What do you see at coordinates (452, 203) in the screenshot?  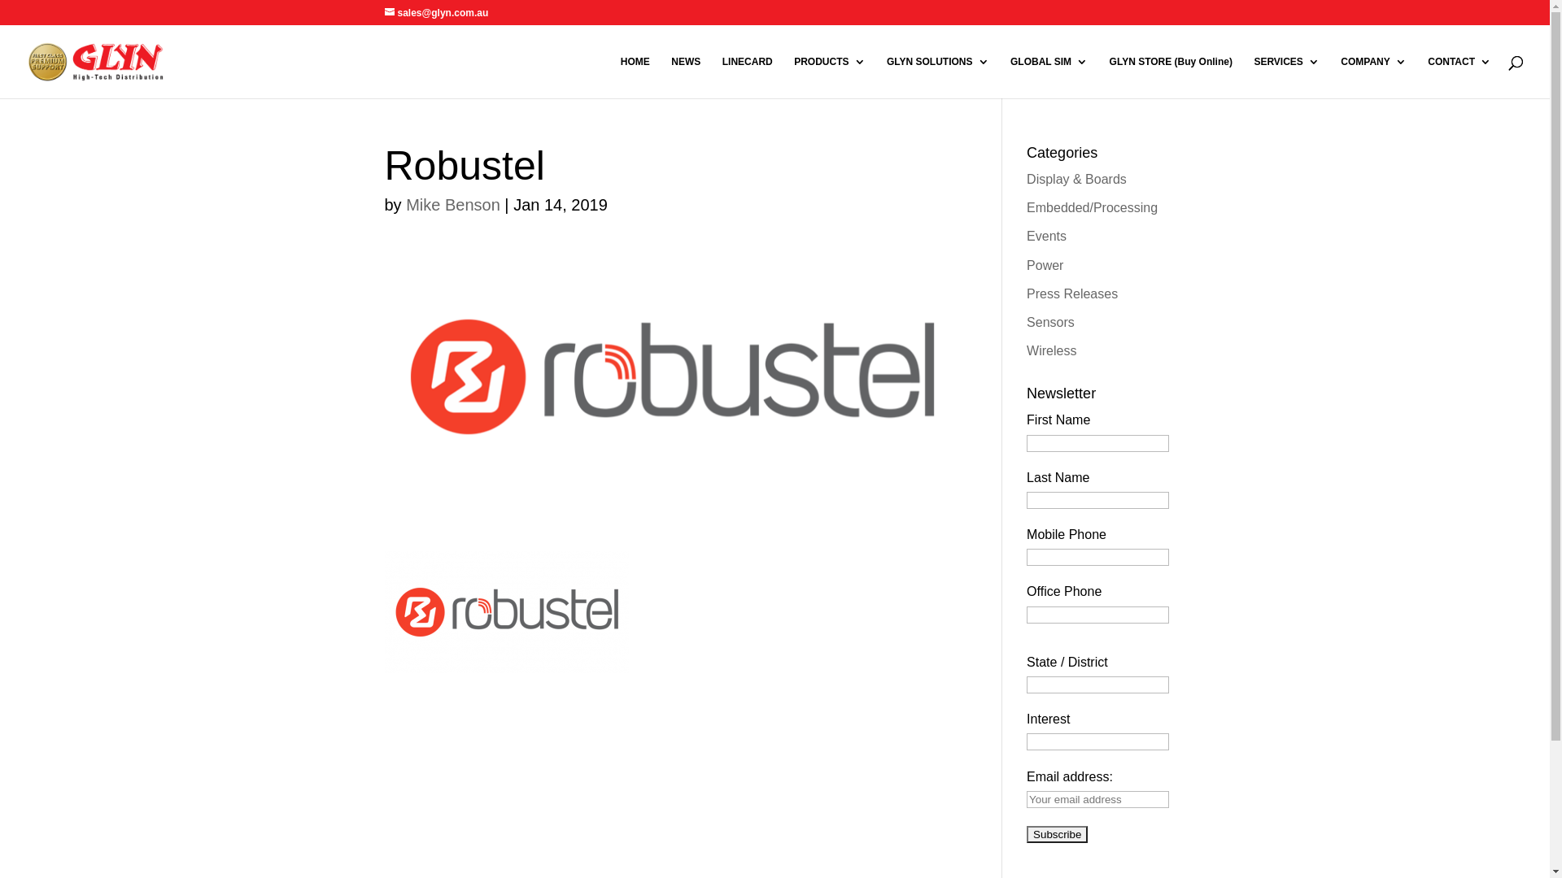 I see `'Mike Benson'` at bounding box center [452, 203].